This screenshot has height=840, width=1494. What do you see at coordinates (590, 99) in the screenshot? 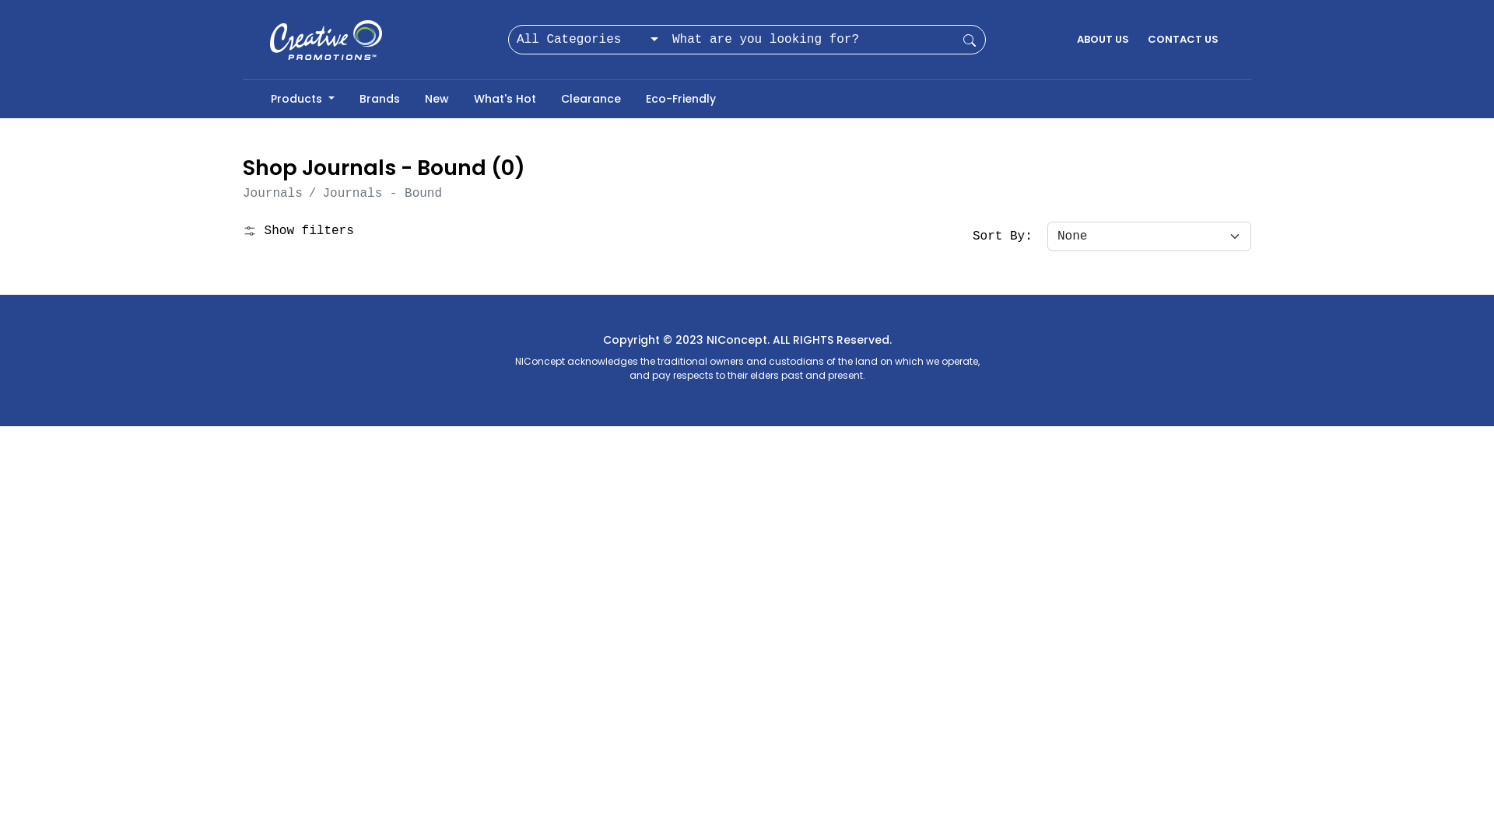
I see `'Clearance'` at bounding box center [590, 99].